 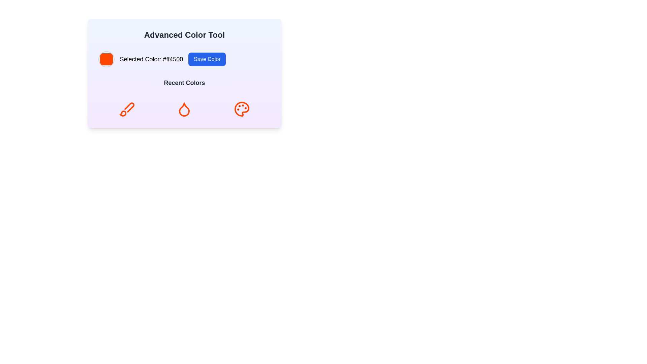 I want to click on the Brush tool icon located at the bottom left corner of the 'Recent Colors' section in the 'Advanced Color Tool' interface, so click(x=129, y=107).